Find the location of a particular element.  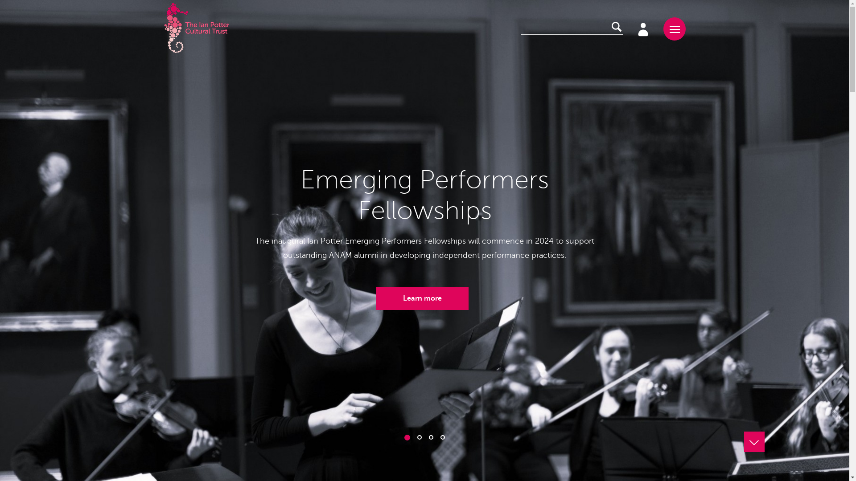

'1' is located at coordinates (407, 437).